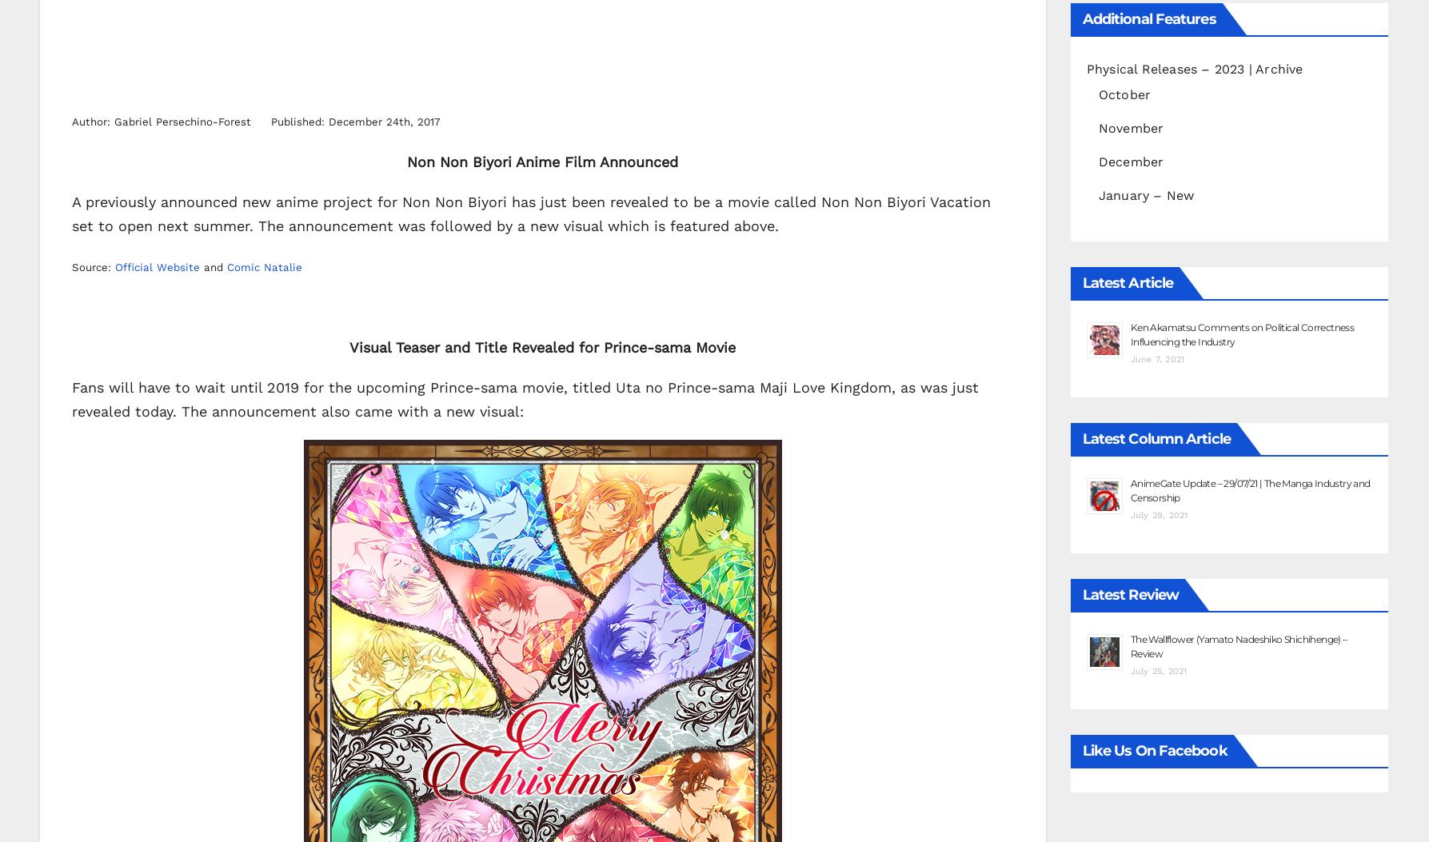  I want to click on 'Physical Releases – 2023 | Archive', so click(1084, 67).